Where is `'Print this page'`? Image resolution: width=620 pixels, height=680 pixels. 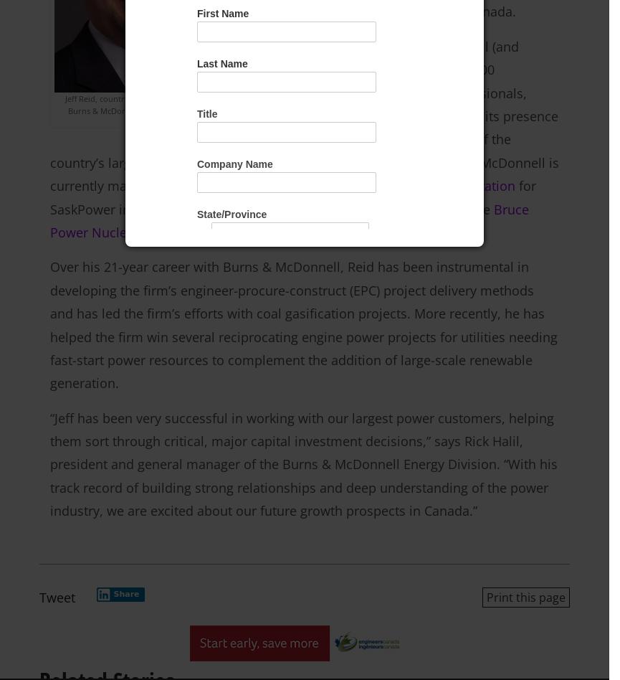
'Print this page' is located at coordinates (525, 595).